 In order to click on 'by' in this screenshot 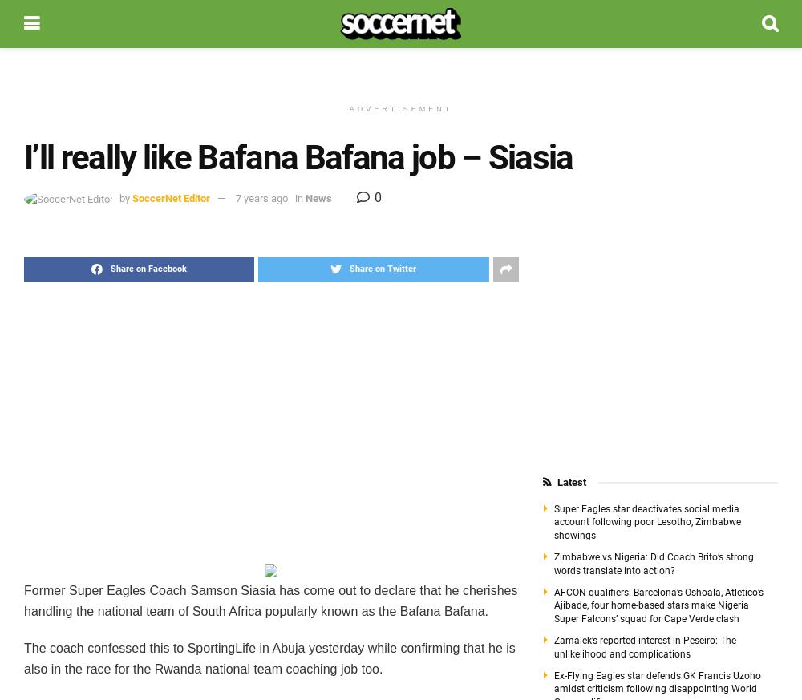, I will do `click(124, 197)`.